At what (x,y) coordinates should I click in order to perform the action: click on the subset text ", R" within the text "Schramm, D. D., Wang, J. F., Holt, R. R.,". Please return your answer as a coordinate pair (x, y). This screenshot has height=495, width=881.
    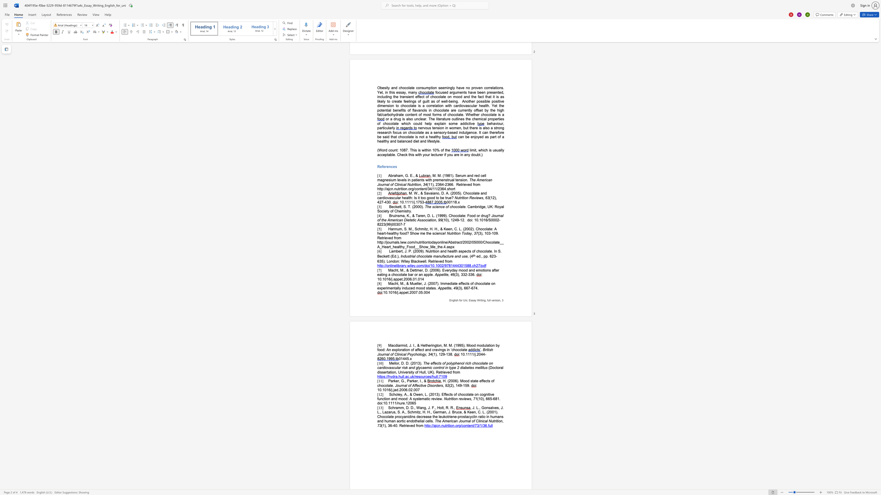
    Looking at the image, I should click on (443, 408).